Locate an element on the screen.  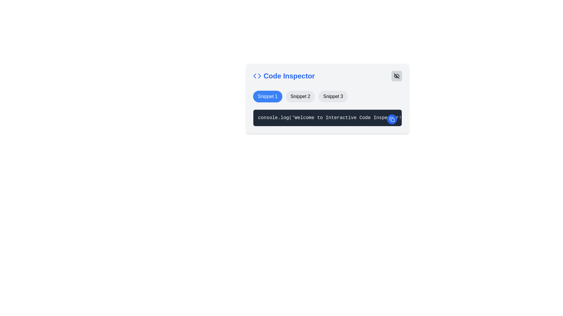
the visibility toggle icon, which resembles an eye with a diagonal line crossing it, located in the top-right corner of the interface is located at coordinates (397, 75).